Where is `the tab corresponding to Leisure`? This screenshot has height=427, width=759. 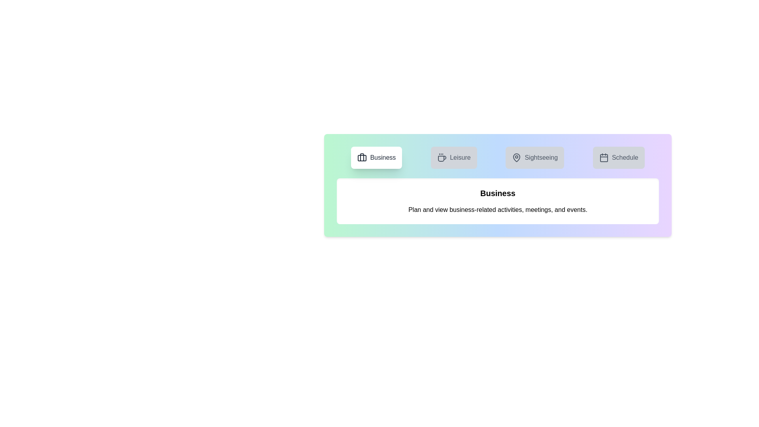
the tab corresponding to Leisure is located at coordinates (453, 157).